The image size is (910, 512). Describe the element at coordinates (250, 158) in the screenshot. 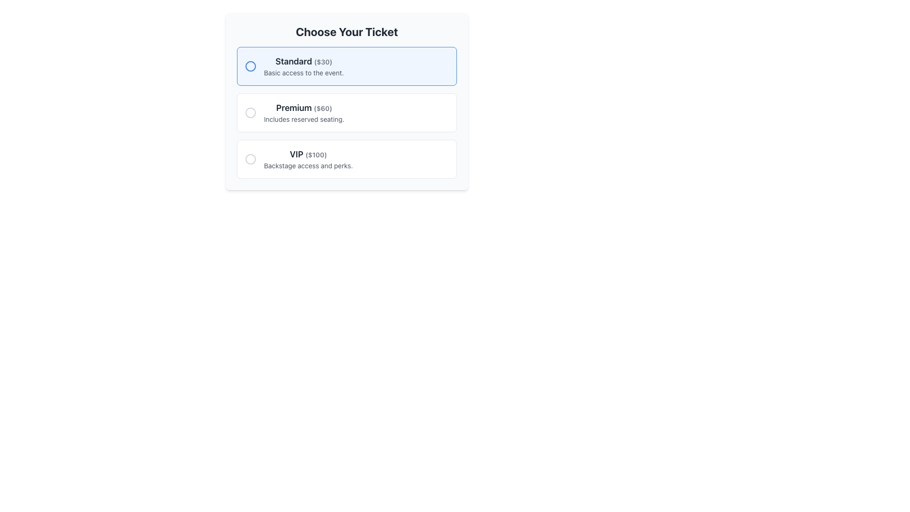

I see `the interactive SVG circle with a radius of approximately 10 units, located in the 'VIP ($100)' option block` at that location.